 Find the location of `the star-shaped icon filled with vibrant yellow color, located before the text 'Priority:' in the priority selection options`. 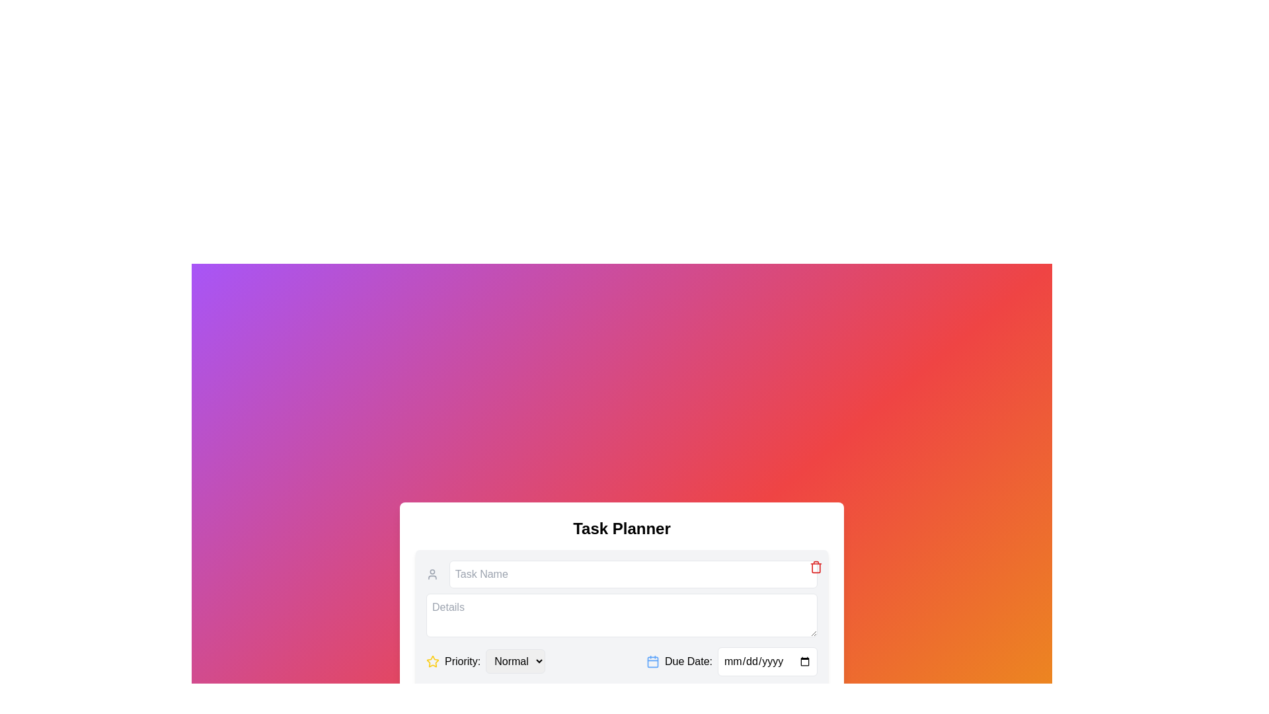

the star-shaped icon filled with vibrant yellow color, located before the text 'Priority:' in the priority selection options is located at coordinates (432, 660).